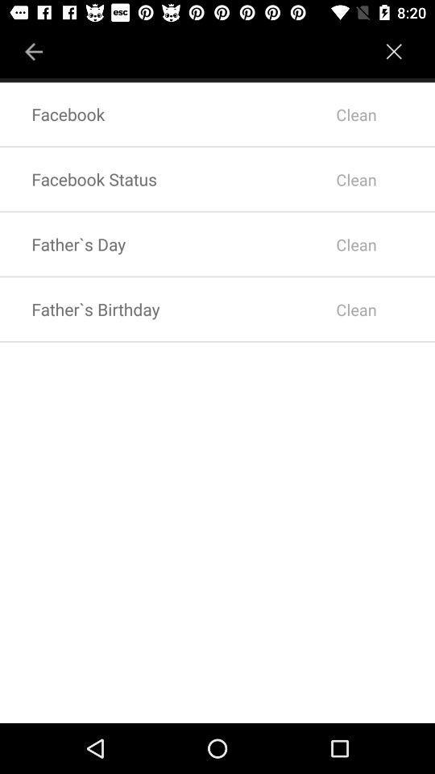  What do you see at coordinates (394, 45) in the screenshot?
I see `the close icon` at bounding box center [394, 45].